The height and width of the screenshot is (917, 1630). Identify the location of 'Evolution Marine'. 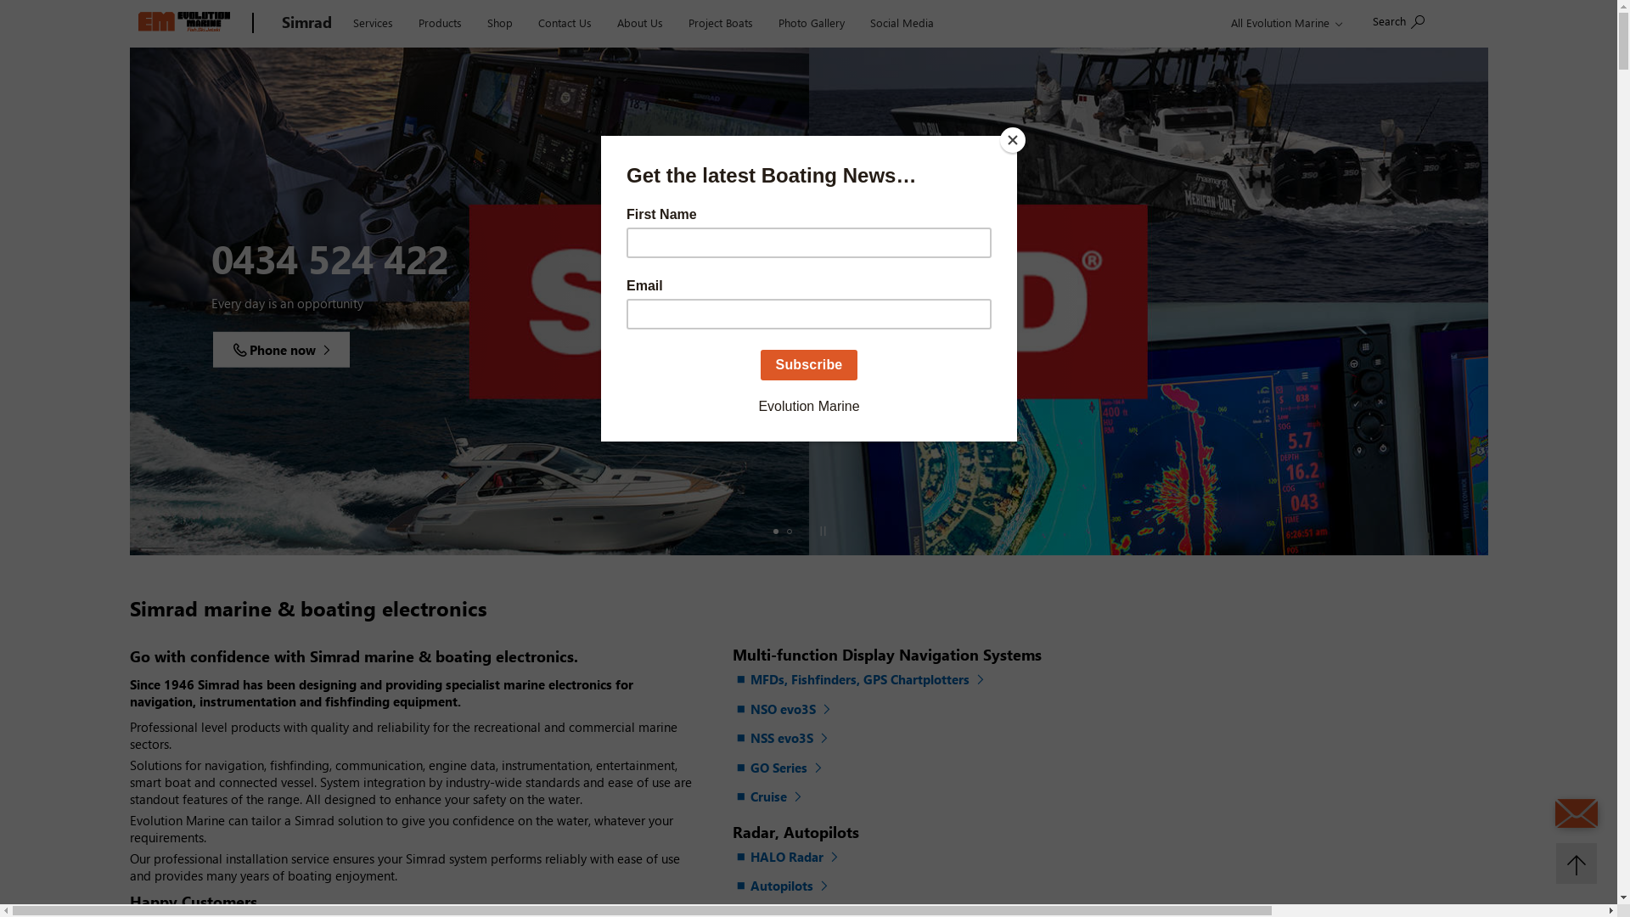
(187, 23).